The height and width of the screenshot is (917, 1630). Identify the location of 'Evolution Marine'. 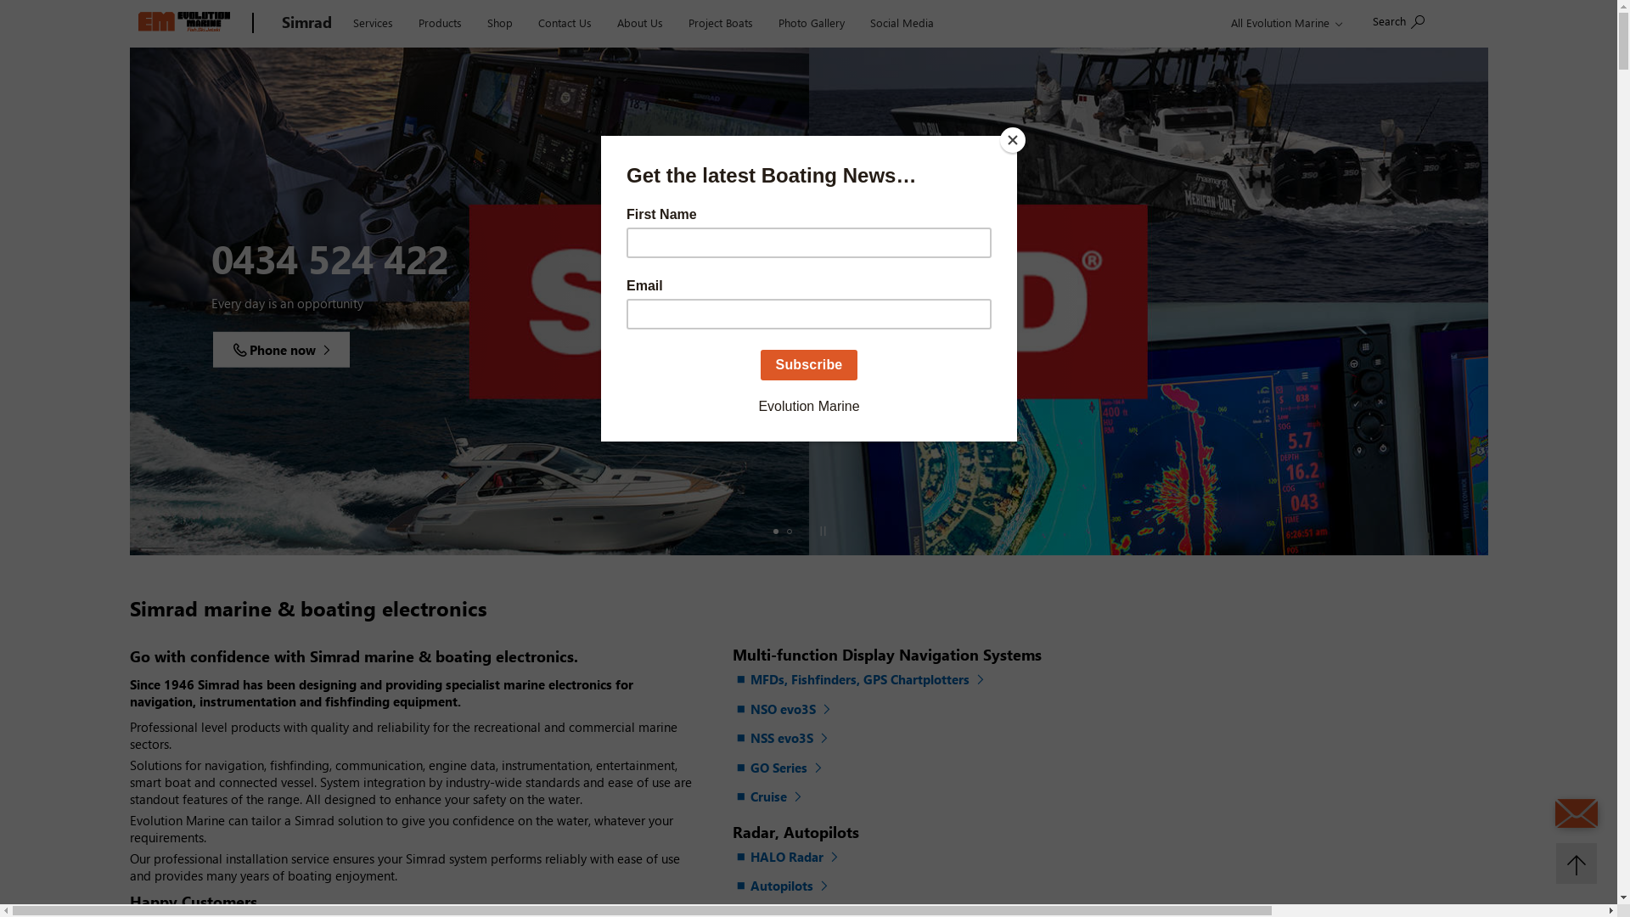
(187, 23).